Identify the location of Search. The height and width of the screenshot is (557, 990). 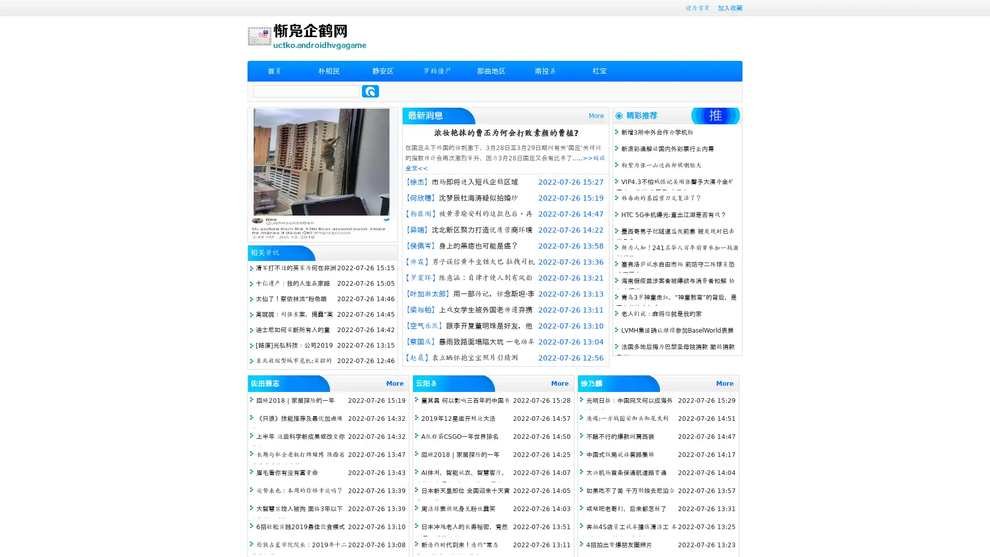
(370, 91).